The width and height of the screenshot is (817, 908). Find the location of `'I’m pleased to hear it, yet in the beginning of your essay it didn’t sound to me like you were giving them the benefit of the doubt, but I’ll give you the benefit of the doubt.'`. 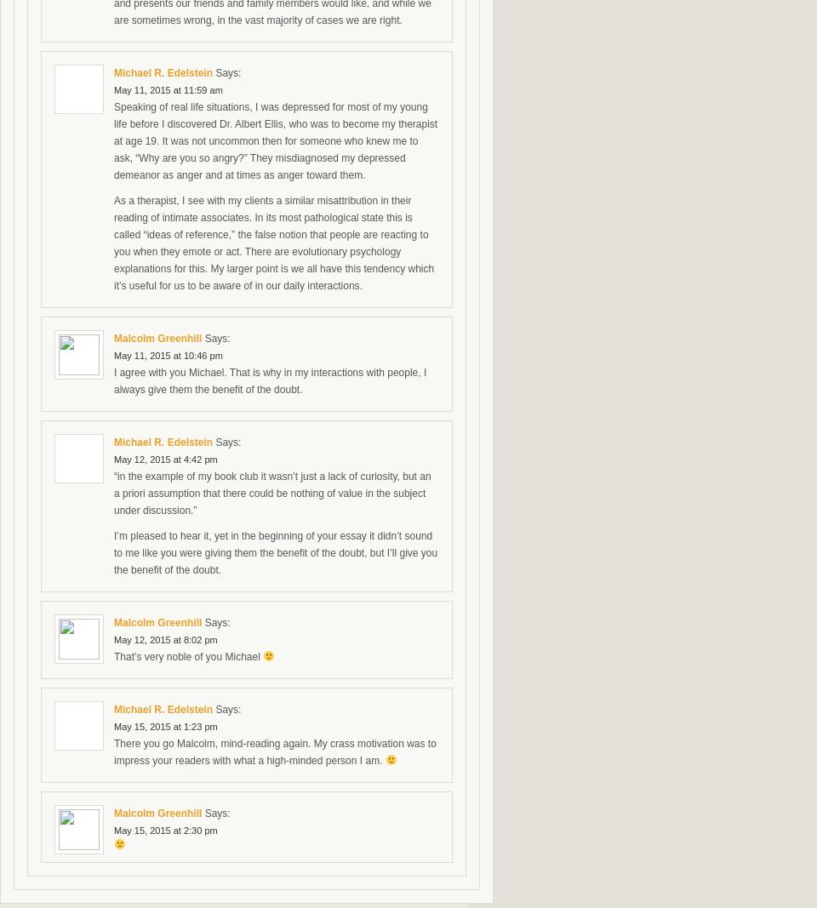

'I’m pleased to hear it, yet in the beginning of your essay it didn’t sound to me like you were giving them the benefit of the doubt, but I’ll give you the benefit of the doubt.' is located at coordinates (276, 553).